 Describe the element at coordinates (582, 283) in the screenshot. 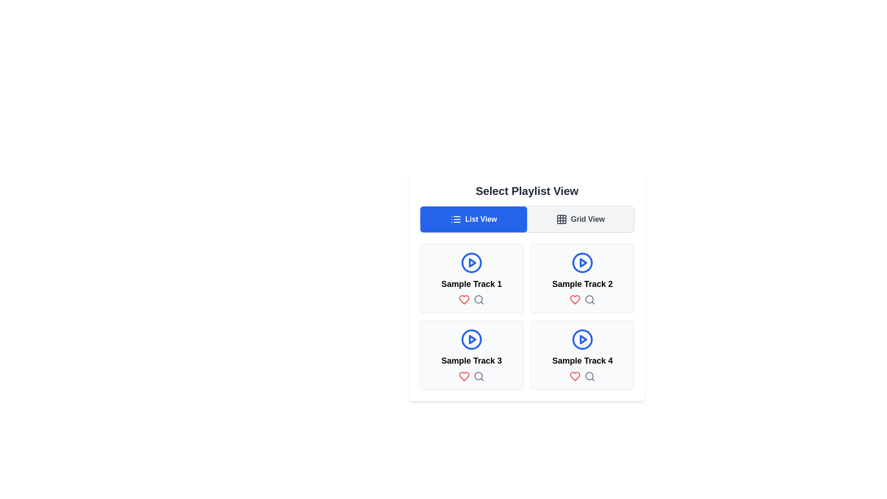

I see `text of the label 'Sample Track 2' located in the second cell of the first row below the header 'Select Playlist View'` at that location.